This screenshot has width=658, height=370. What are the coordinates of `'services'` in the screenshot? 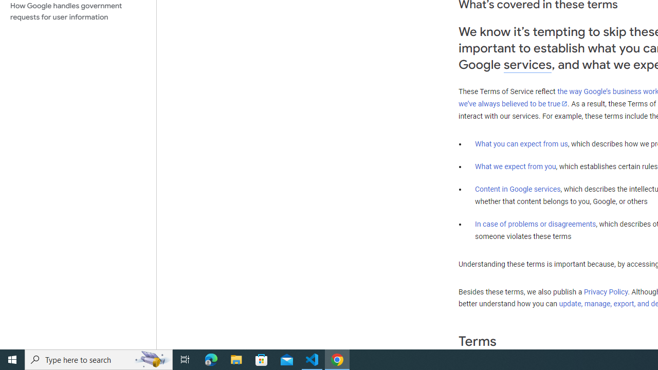 It's located at (527, 64).